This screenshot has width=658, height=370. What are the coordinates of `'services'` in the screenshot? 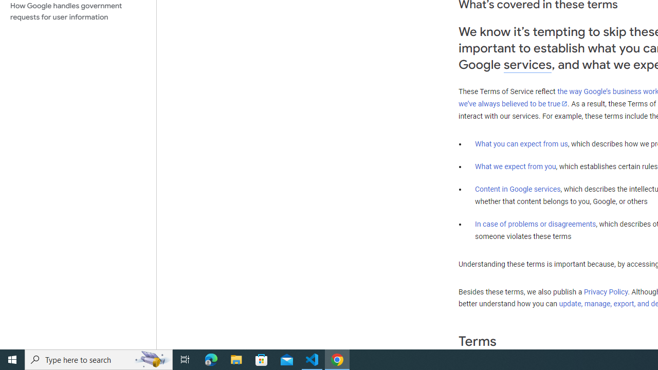 It's located at (527, 64).